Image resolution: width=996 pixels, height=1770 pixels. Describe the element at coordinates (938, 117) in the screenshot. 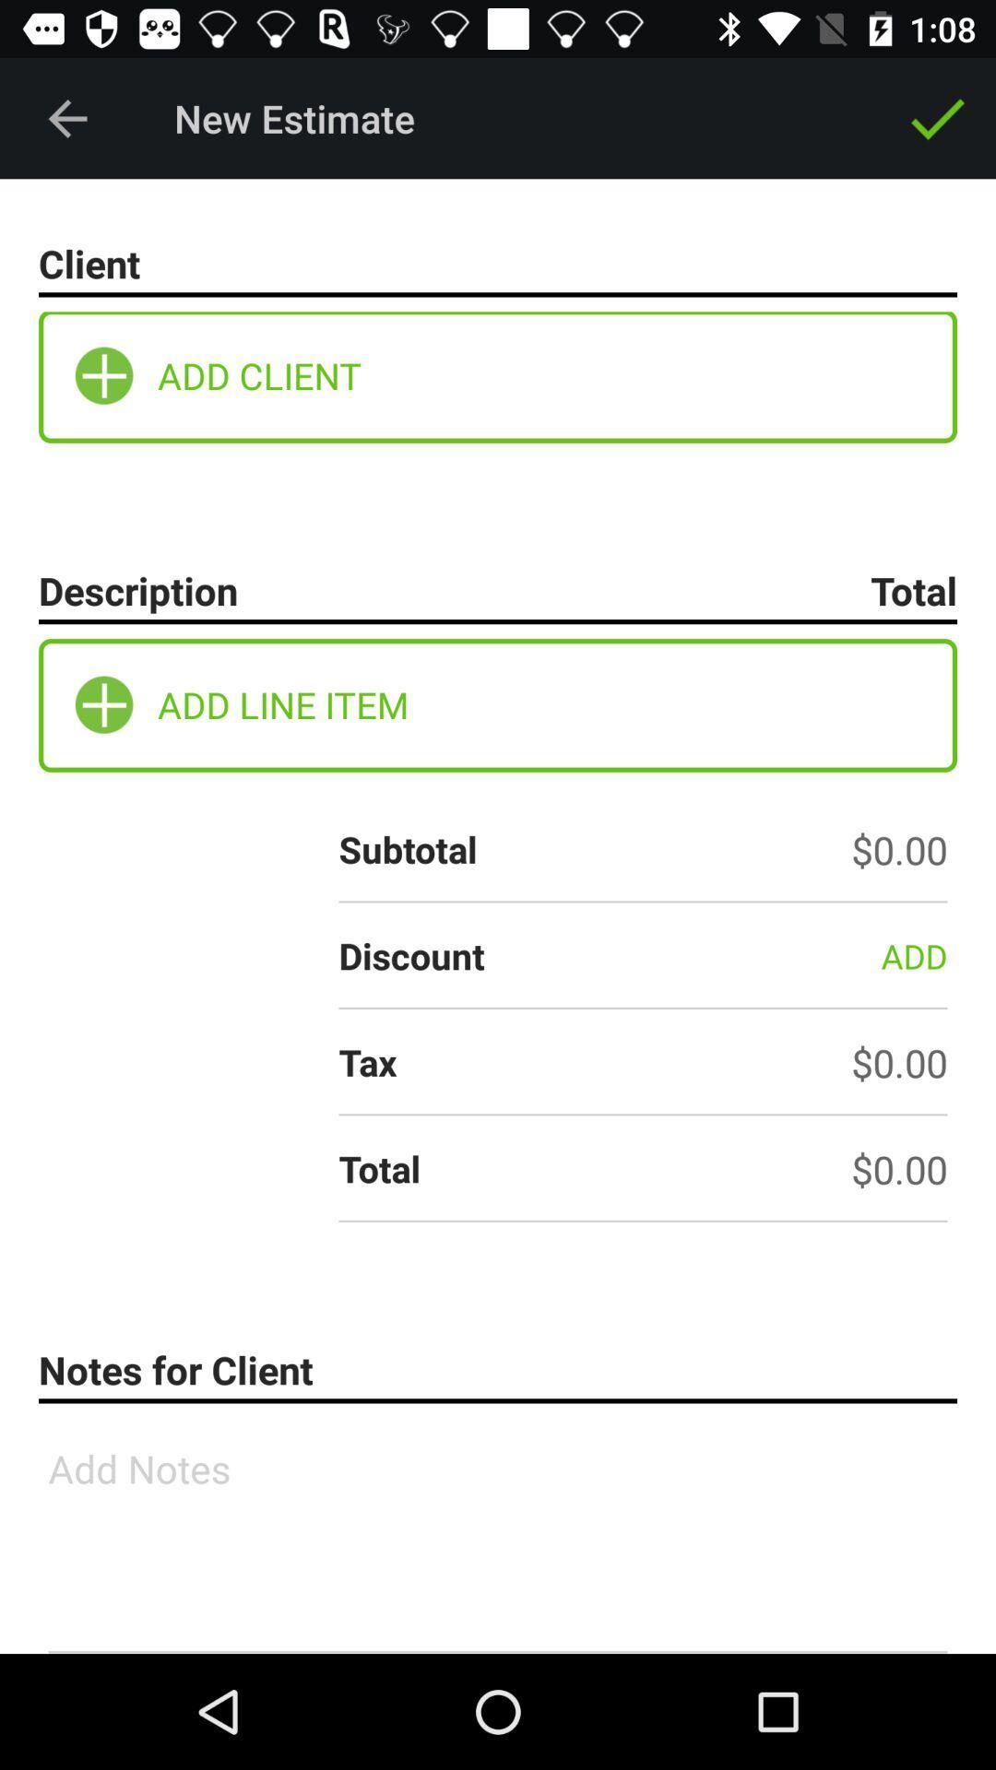

I see `the icon to the right of new estimate item` at that location.